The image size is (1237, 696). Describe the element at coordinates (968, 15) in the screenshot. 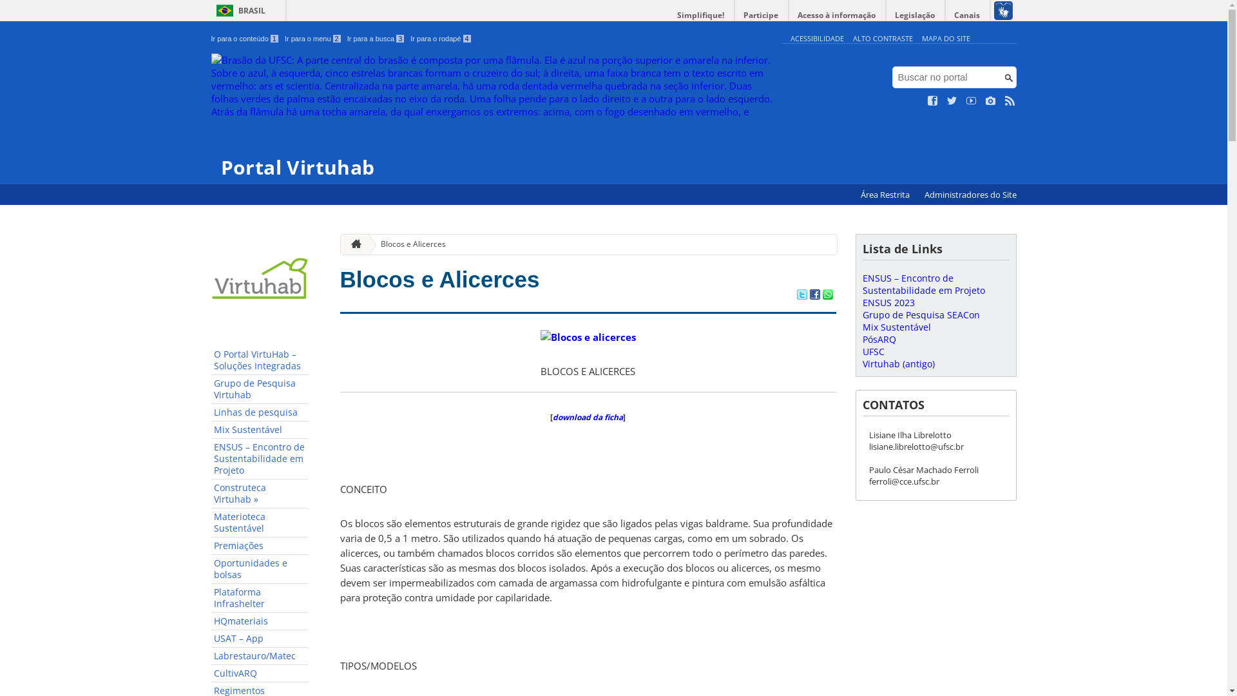

I see `'Canais'` at that location.